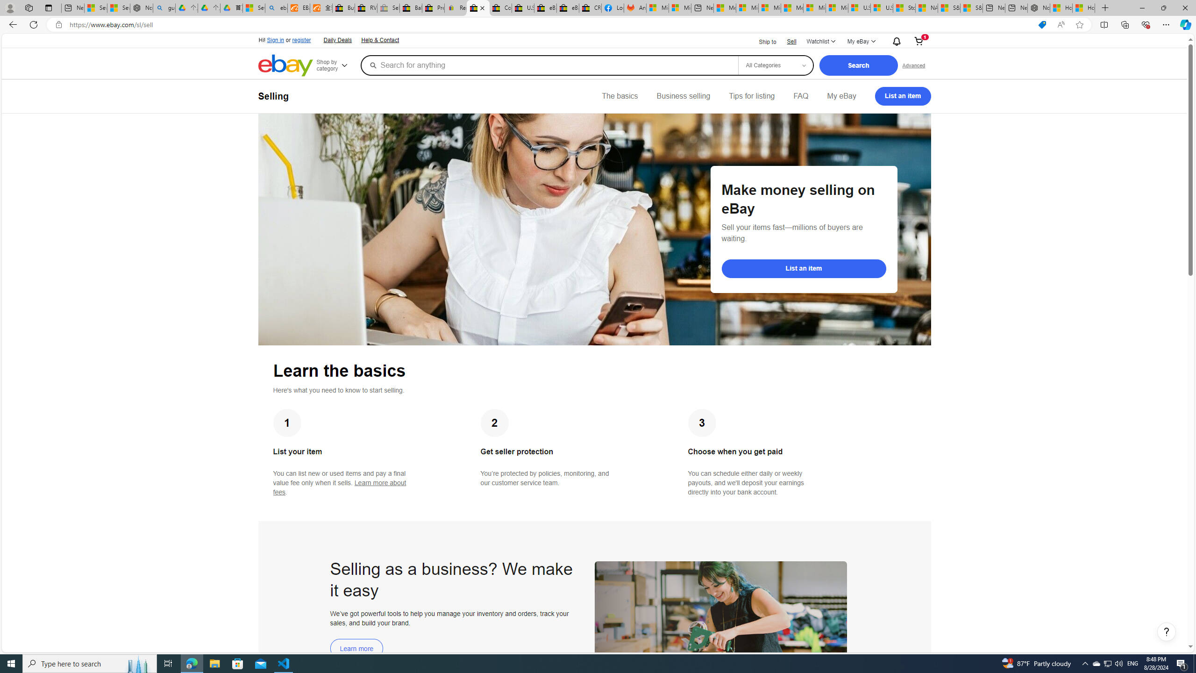 The height and width of the screenshot is (673, 1196). Describe the element at coordinates (285, 65) in the screenshot. I see `'eBay Home'` at that location.